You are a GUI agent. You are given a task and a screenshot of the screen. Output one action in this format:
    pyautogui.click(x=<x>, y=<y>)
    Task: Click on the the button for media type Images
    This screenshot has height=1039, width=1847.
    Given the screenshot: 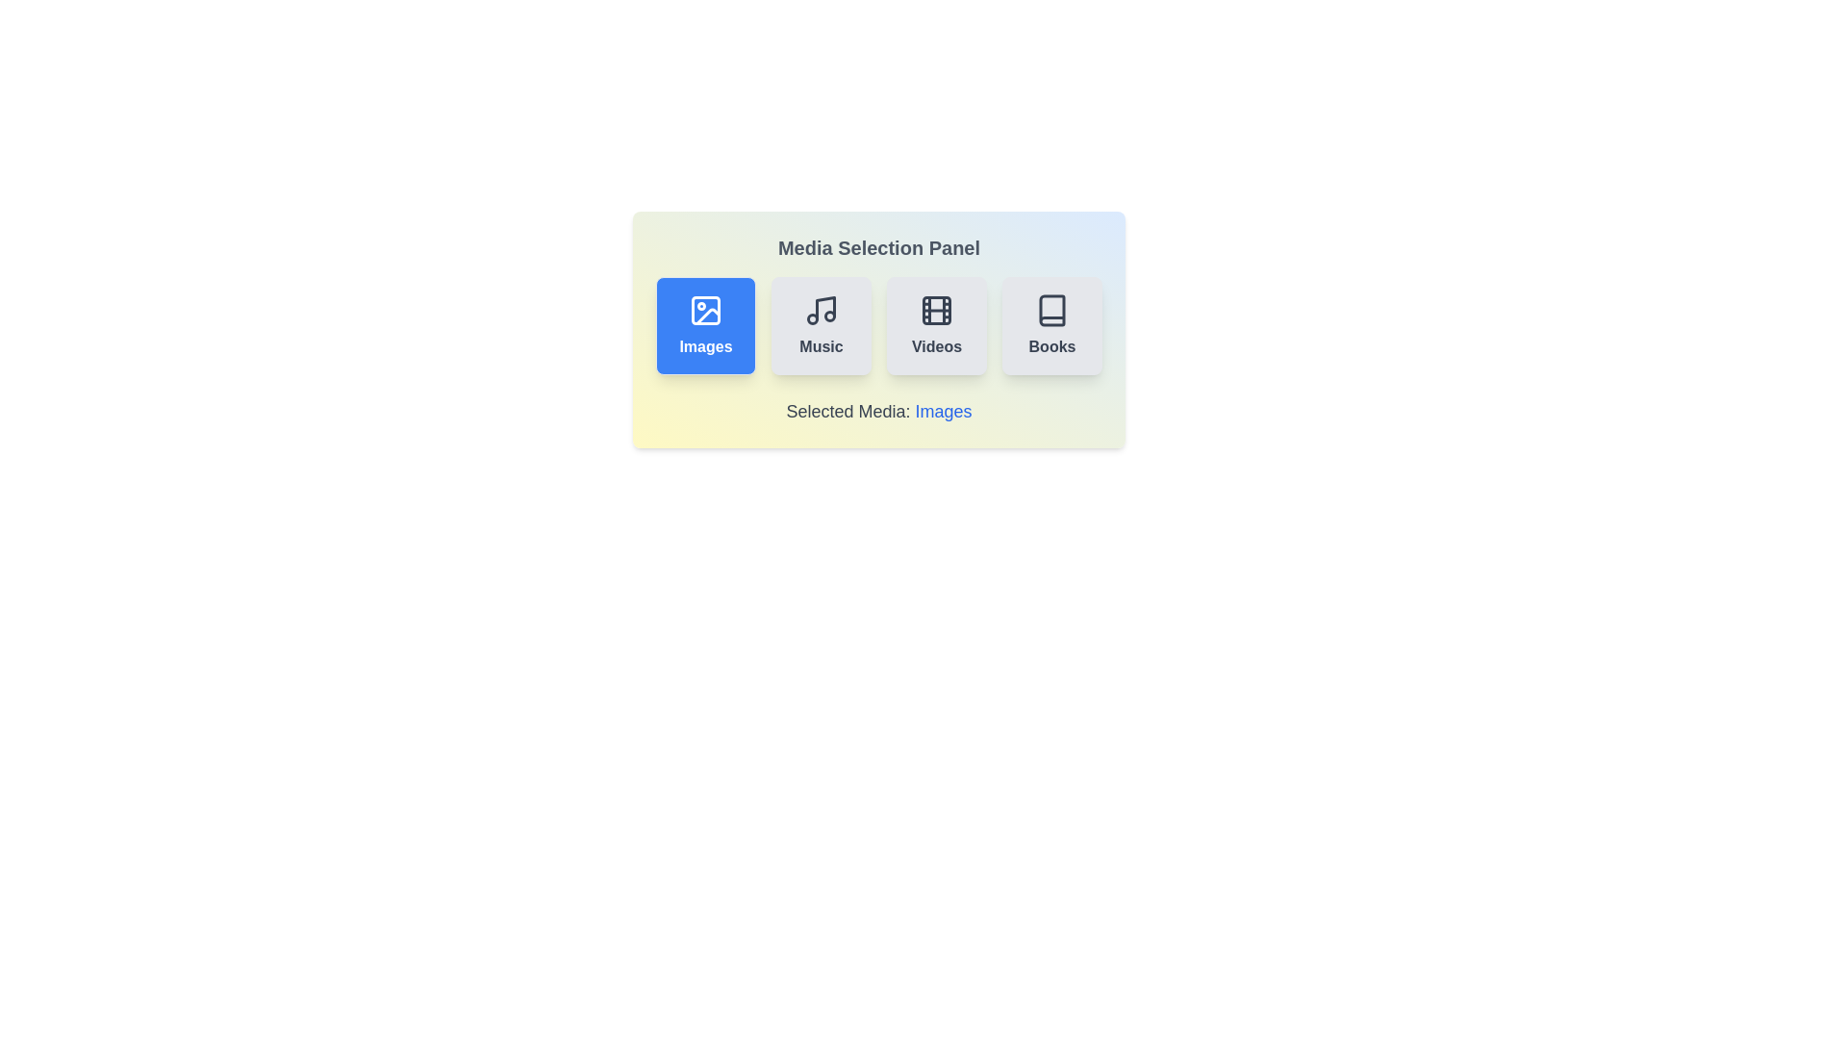 What is the action you would take?
    pyautogui.click(x=705, y=325)
    